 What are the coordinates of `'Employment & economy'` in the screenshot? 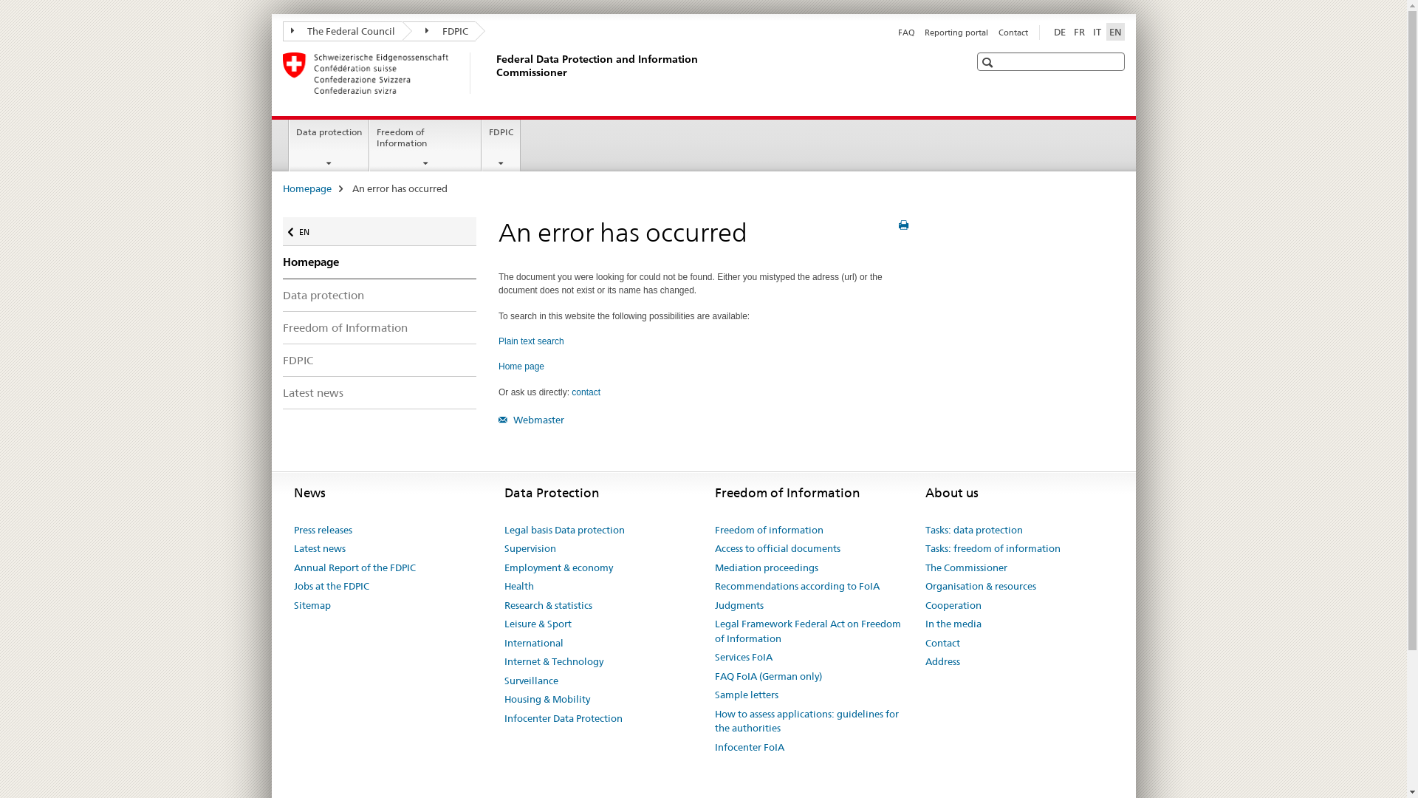 It's located at (557, 567).